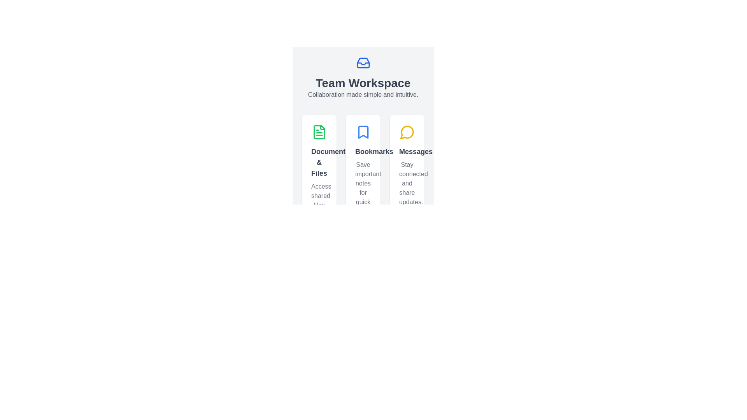  Describe the element at coordinates (407, 131) in the screenshot. I see `the yellow conversation bubble icon located at the top center of the 'Messages' card within the grid layout` at that location.